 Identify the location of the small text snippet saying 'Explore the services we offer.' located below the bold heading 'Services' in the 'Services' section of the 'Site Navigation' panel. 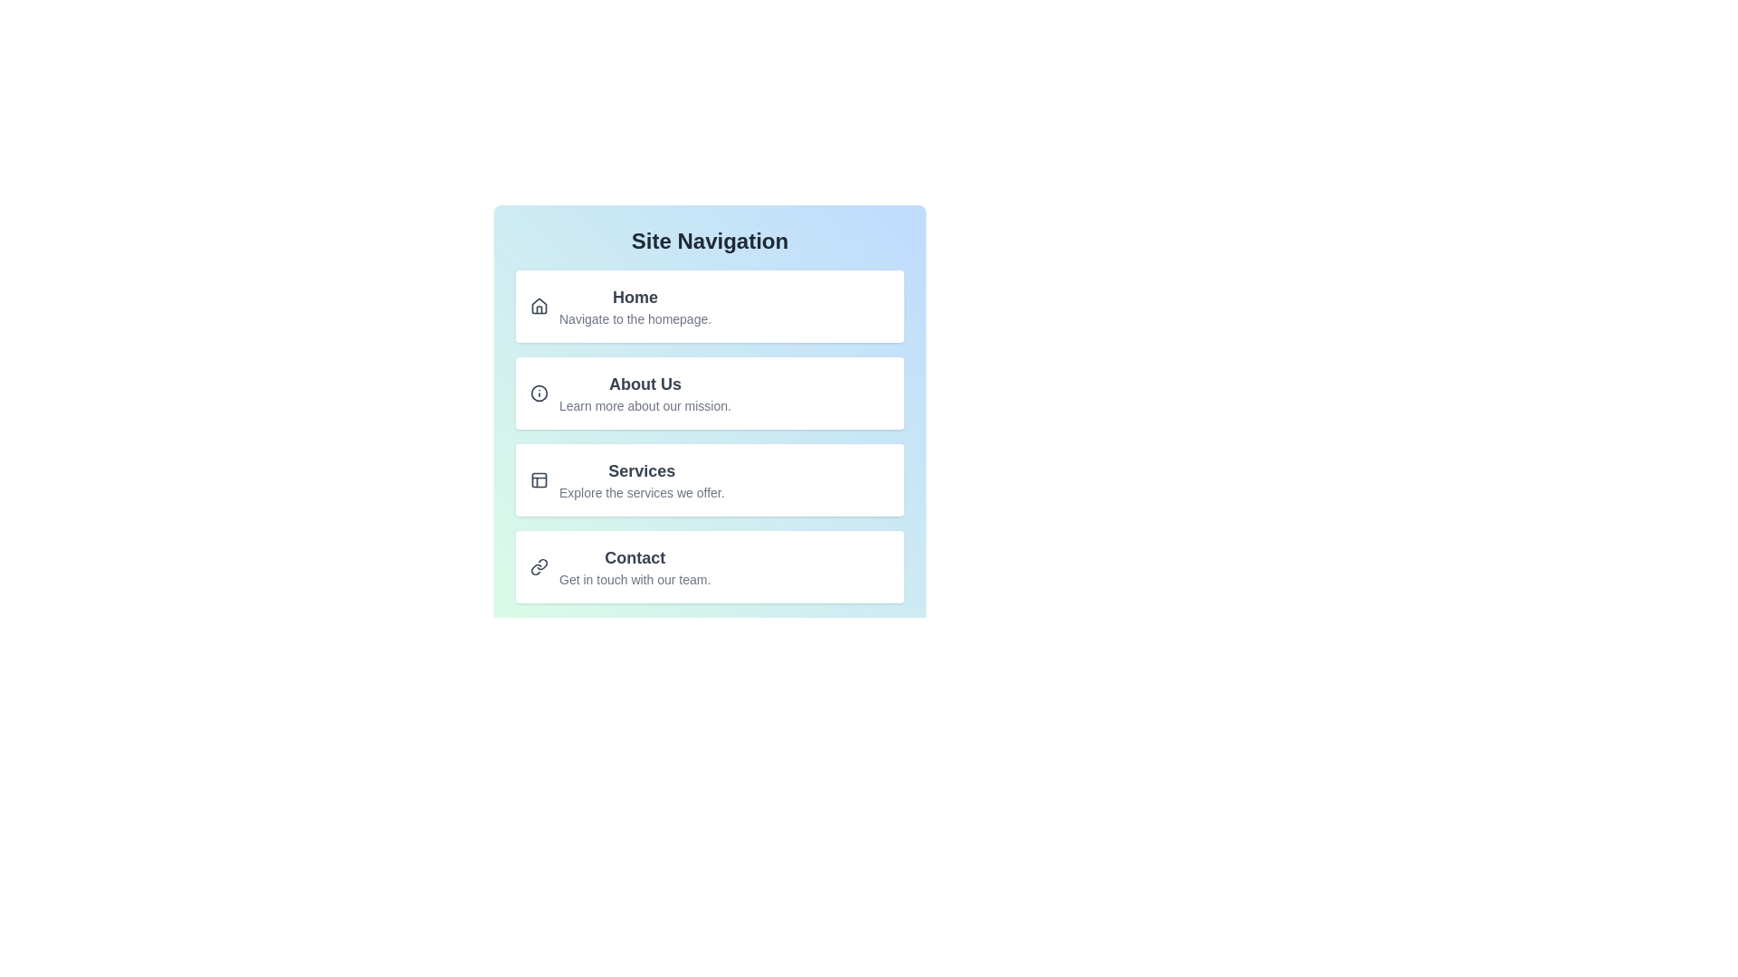
(642, 492).